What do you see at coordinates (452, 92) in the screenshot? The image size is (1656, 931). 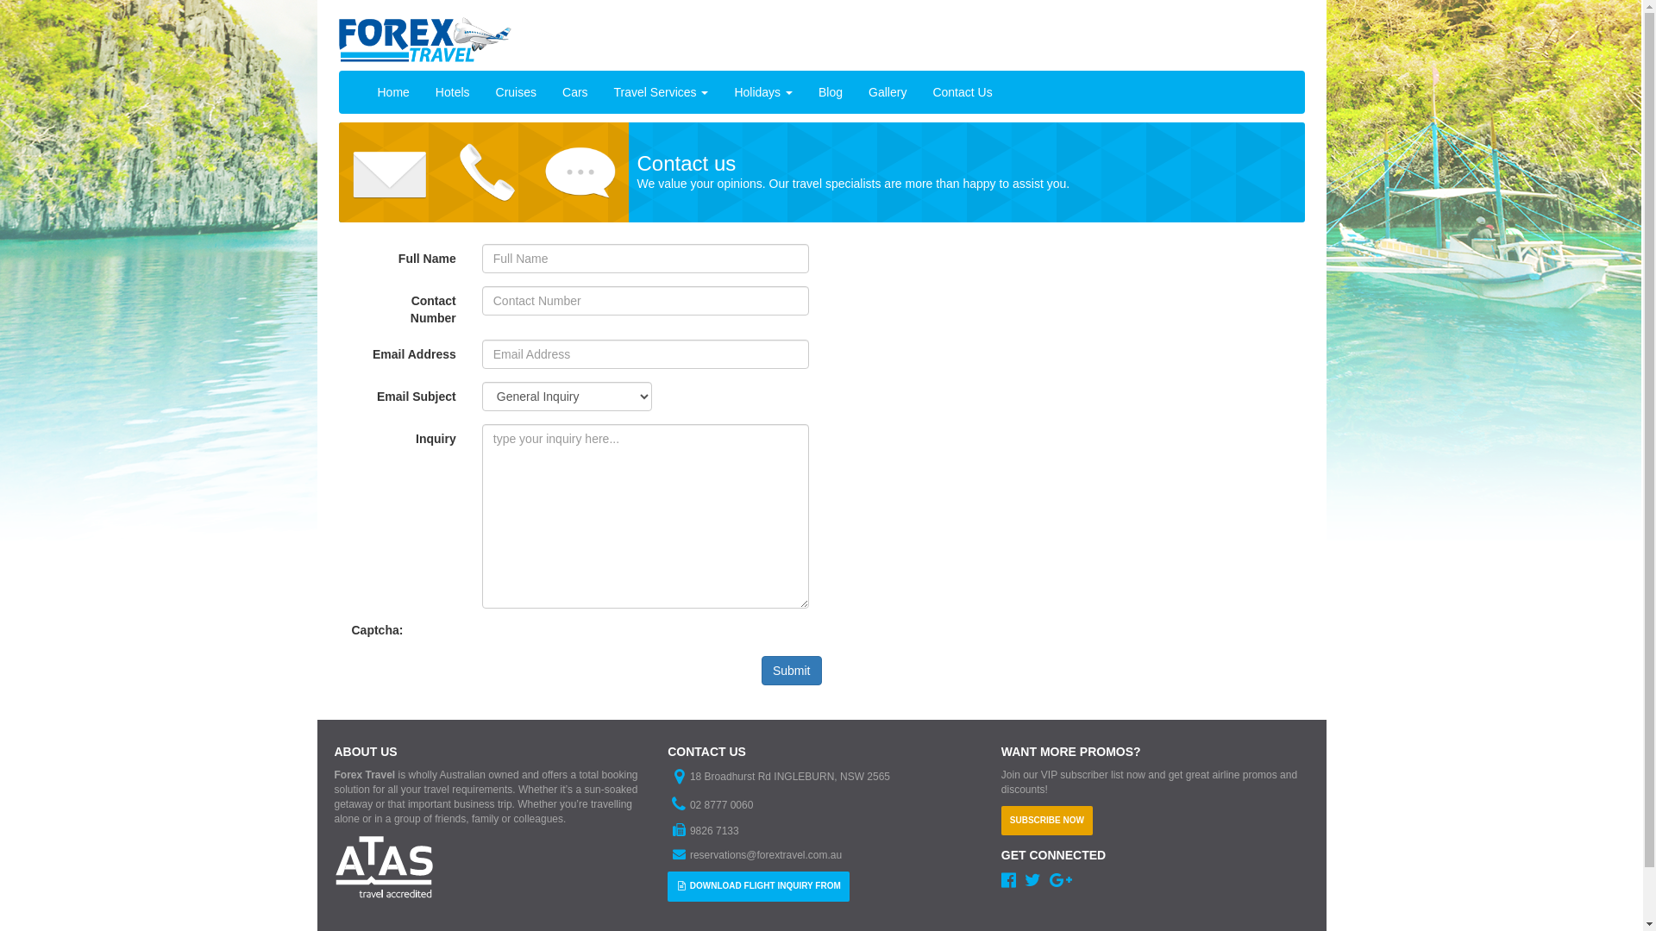 I see `'Hotels'` at bounding box center [452, 92].